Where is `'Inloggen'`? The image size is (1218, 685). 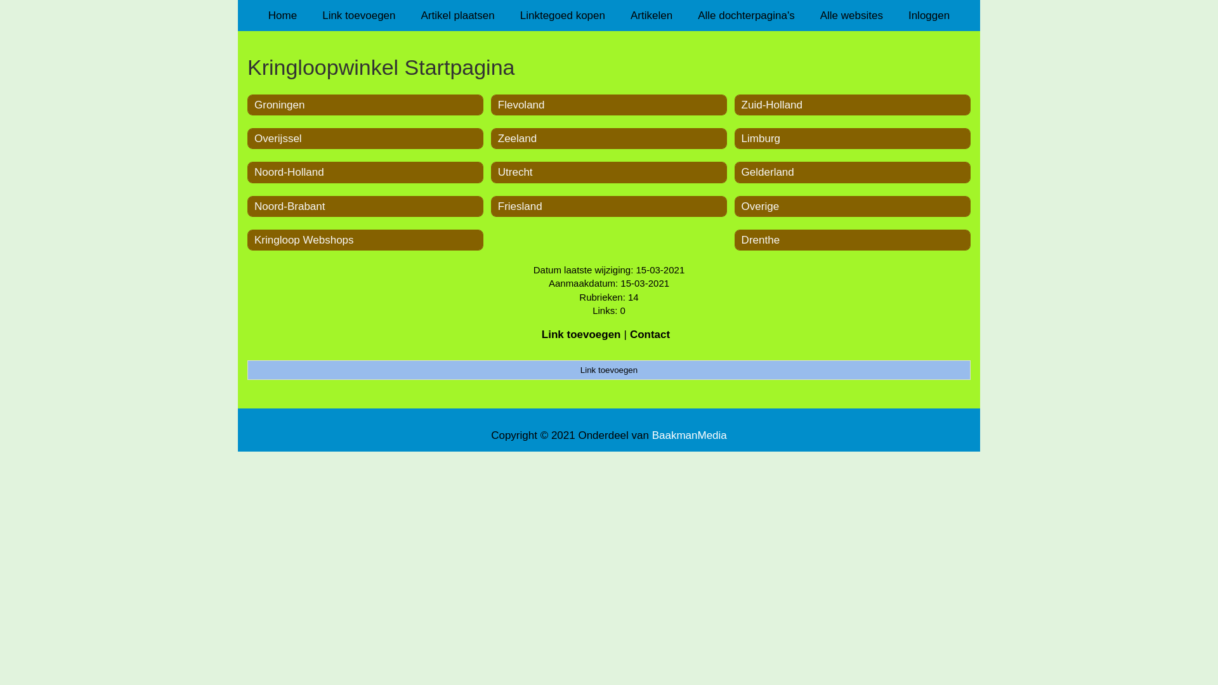 'Inloggen' is located at coordinates (929, 15).